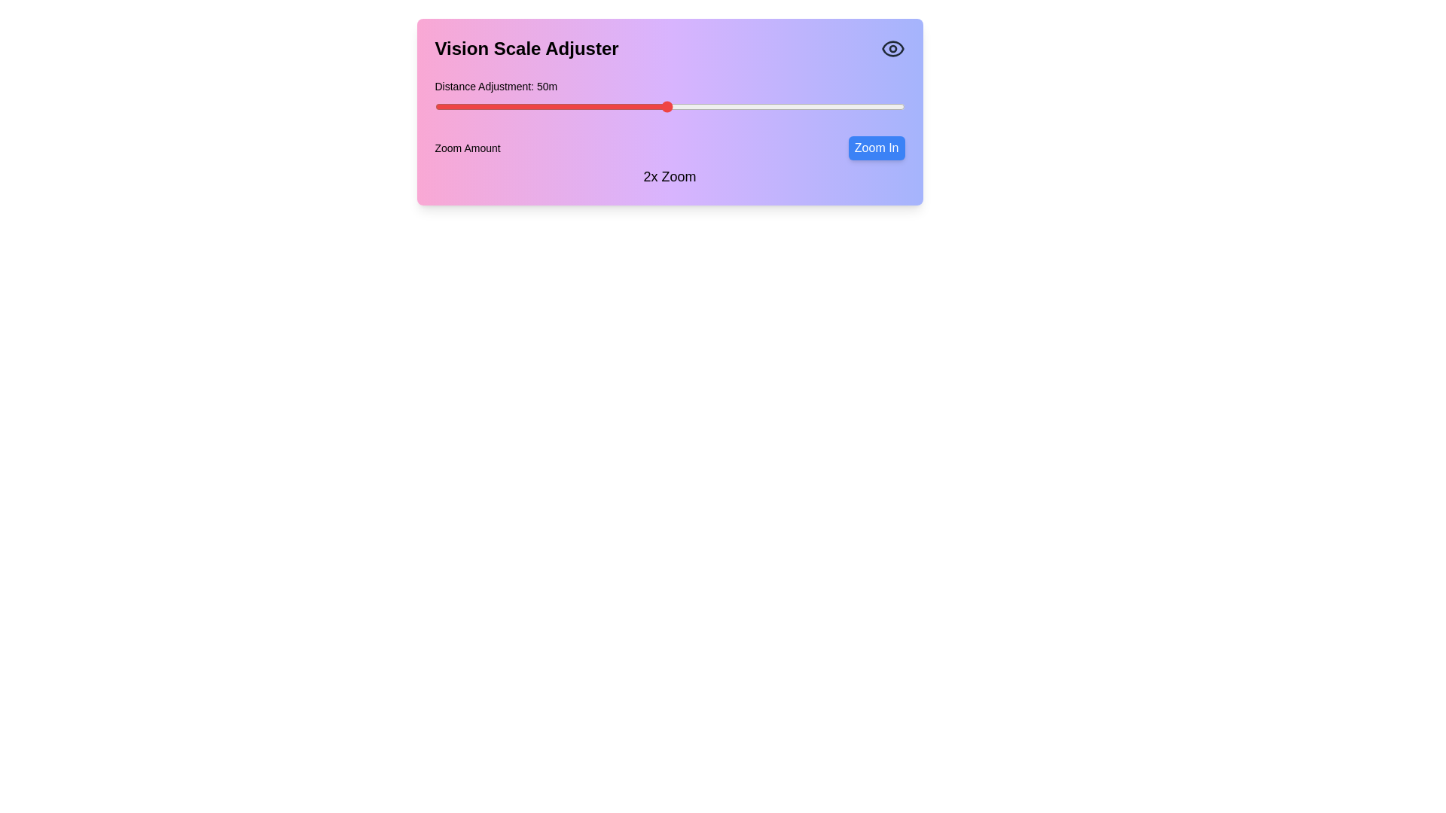 The image size is (1446, 813). I want to click on the distance adjustment, so click(681, 106).